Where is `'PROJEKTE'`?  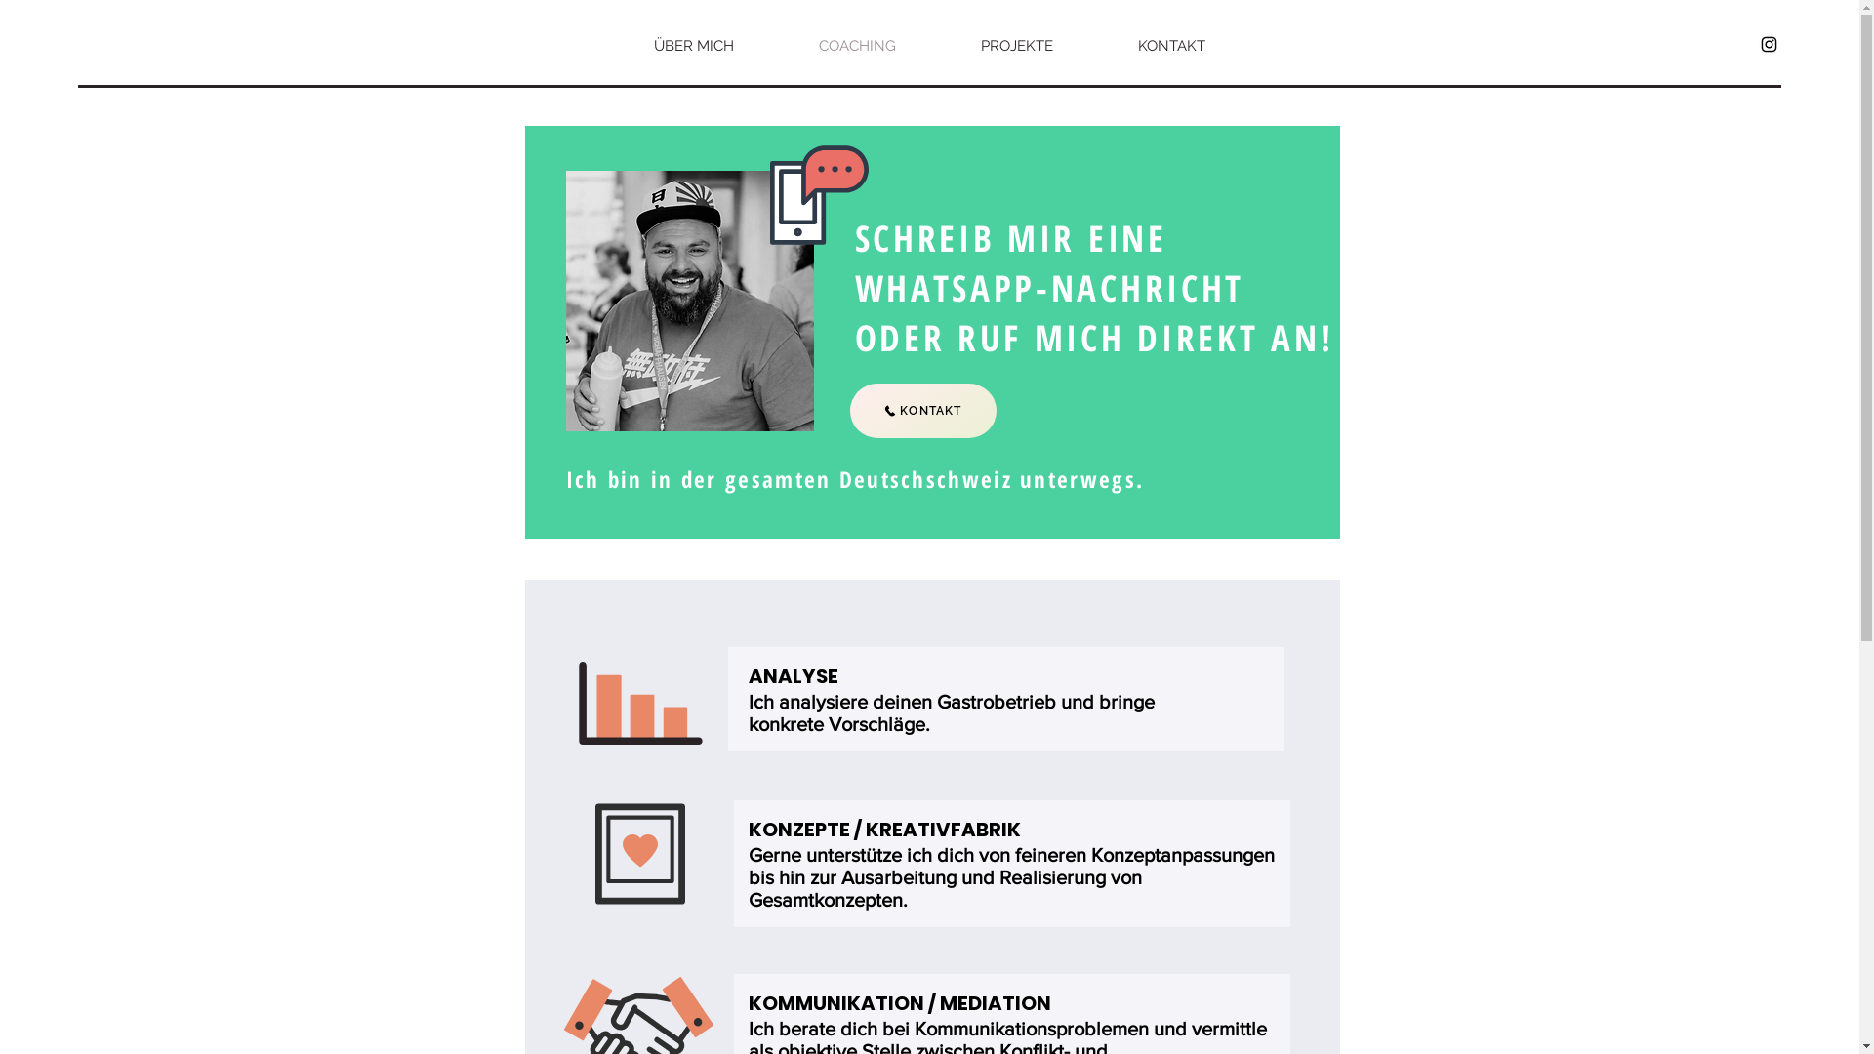
'PROJEKTE' is located at coordinates (1016, 45).